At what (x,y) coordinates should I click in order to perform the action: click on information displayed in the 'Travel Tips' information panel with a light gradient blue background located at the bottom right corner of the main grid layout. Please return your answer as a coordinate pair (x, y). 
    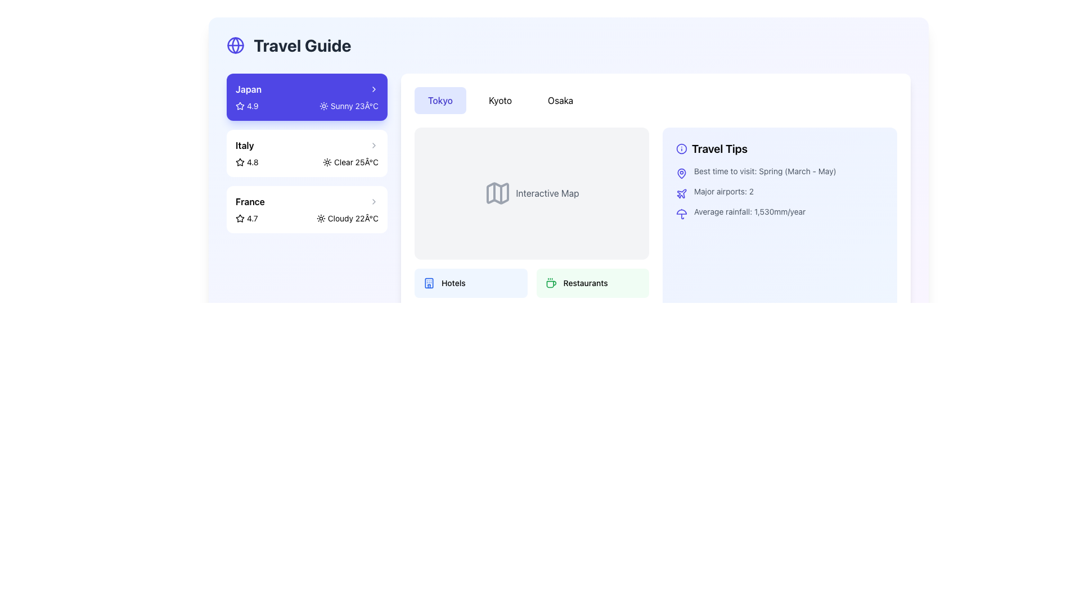
    Looking at the image, I should click on (779, 231).